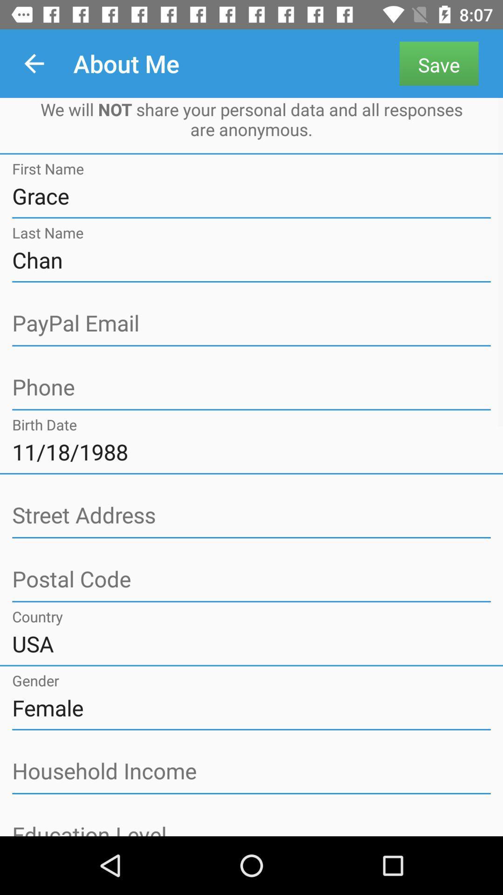 The width and height of the screenshot is (503, 895). Describe the element at coordinates (251, 324) in the screenshot. I see `the field paypal email` at that location.